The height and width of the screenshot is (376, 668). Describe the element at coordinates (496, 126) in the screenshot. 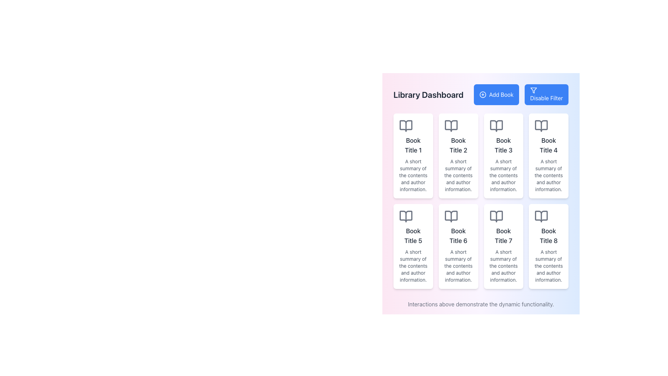

I see `the small, open-book icon with rounded, gray lines located at the top of the card representing 'Book Title 3'` at that location.